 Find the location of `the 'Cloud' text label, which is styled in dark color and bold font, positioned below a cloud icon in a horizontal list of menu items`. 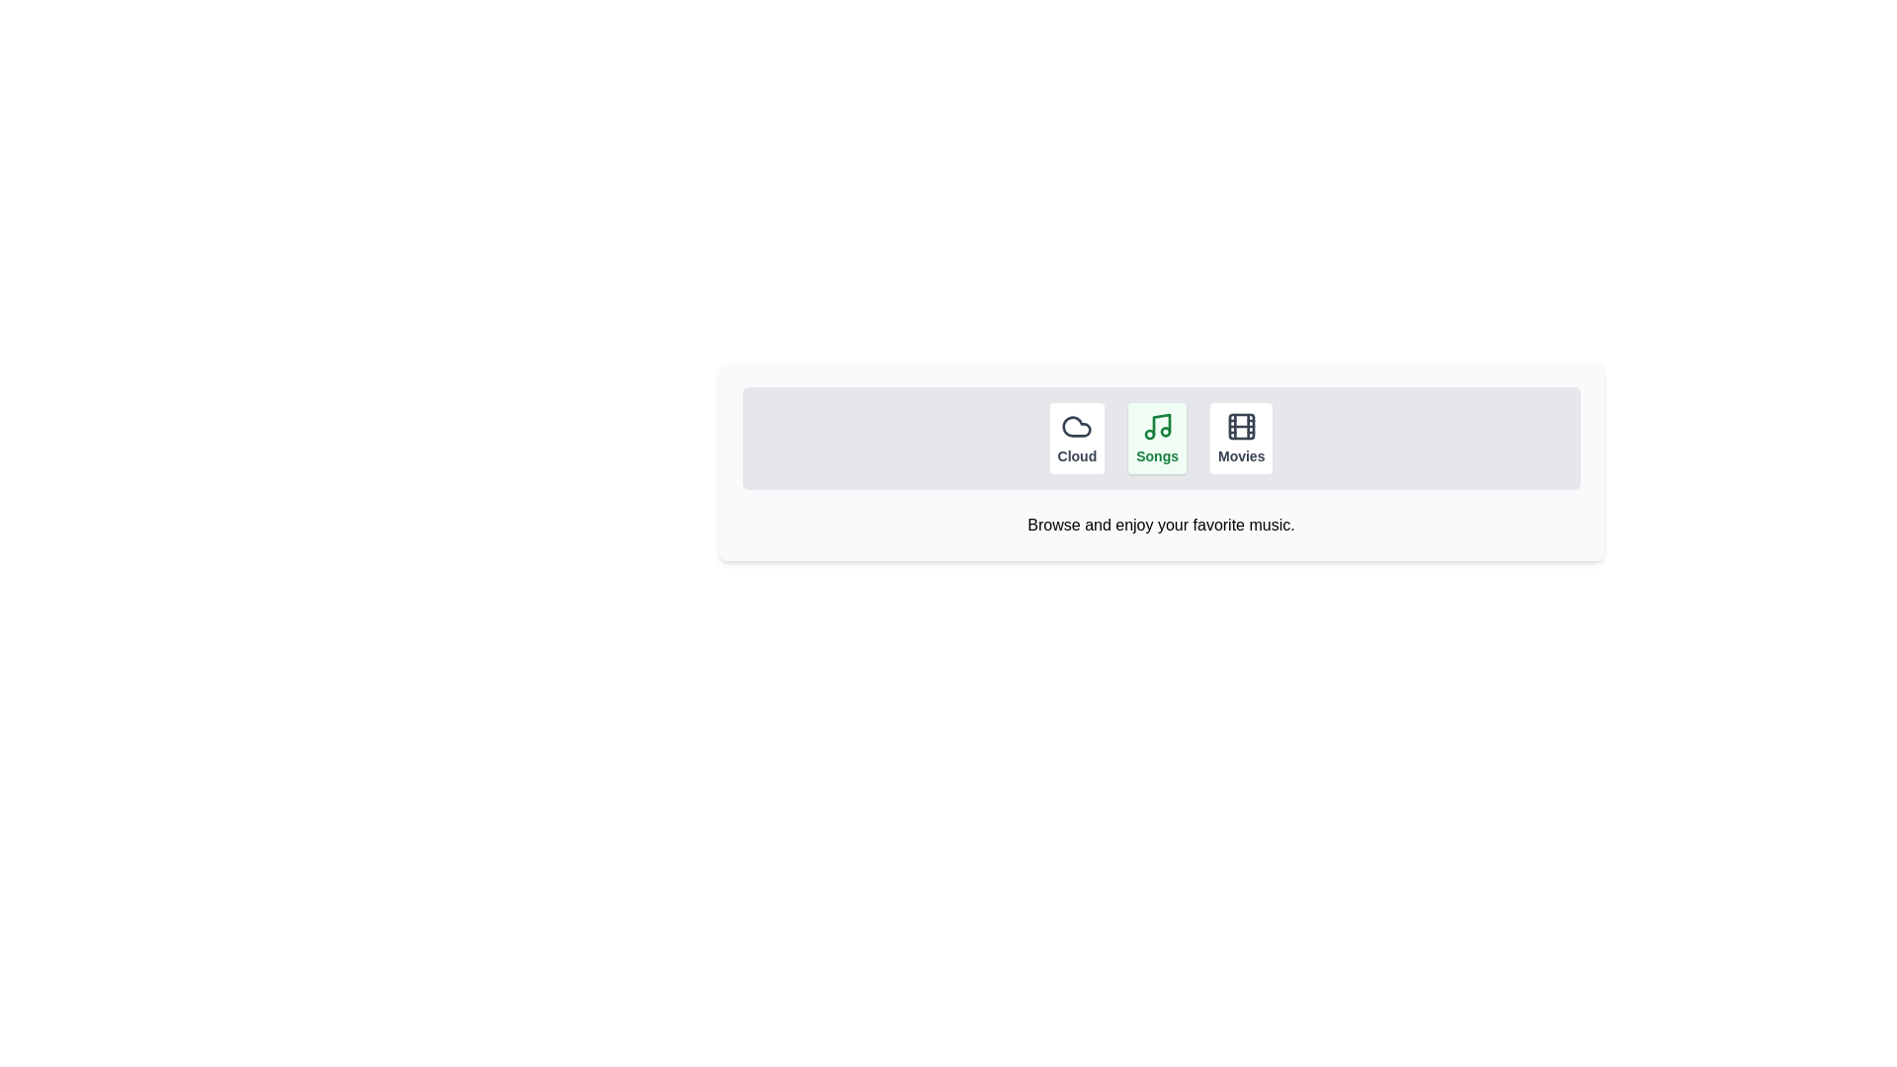

the 'Cloud' text label, which is styled in dark color and bold font, positioned below a cloud icon in a horizontal list of menu items is located at coordinates (1076, 456).